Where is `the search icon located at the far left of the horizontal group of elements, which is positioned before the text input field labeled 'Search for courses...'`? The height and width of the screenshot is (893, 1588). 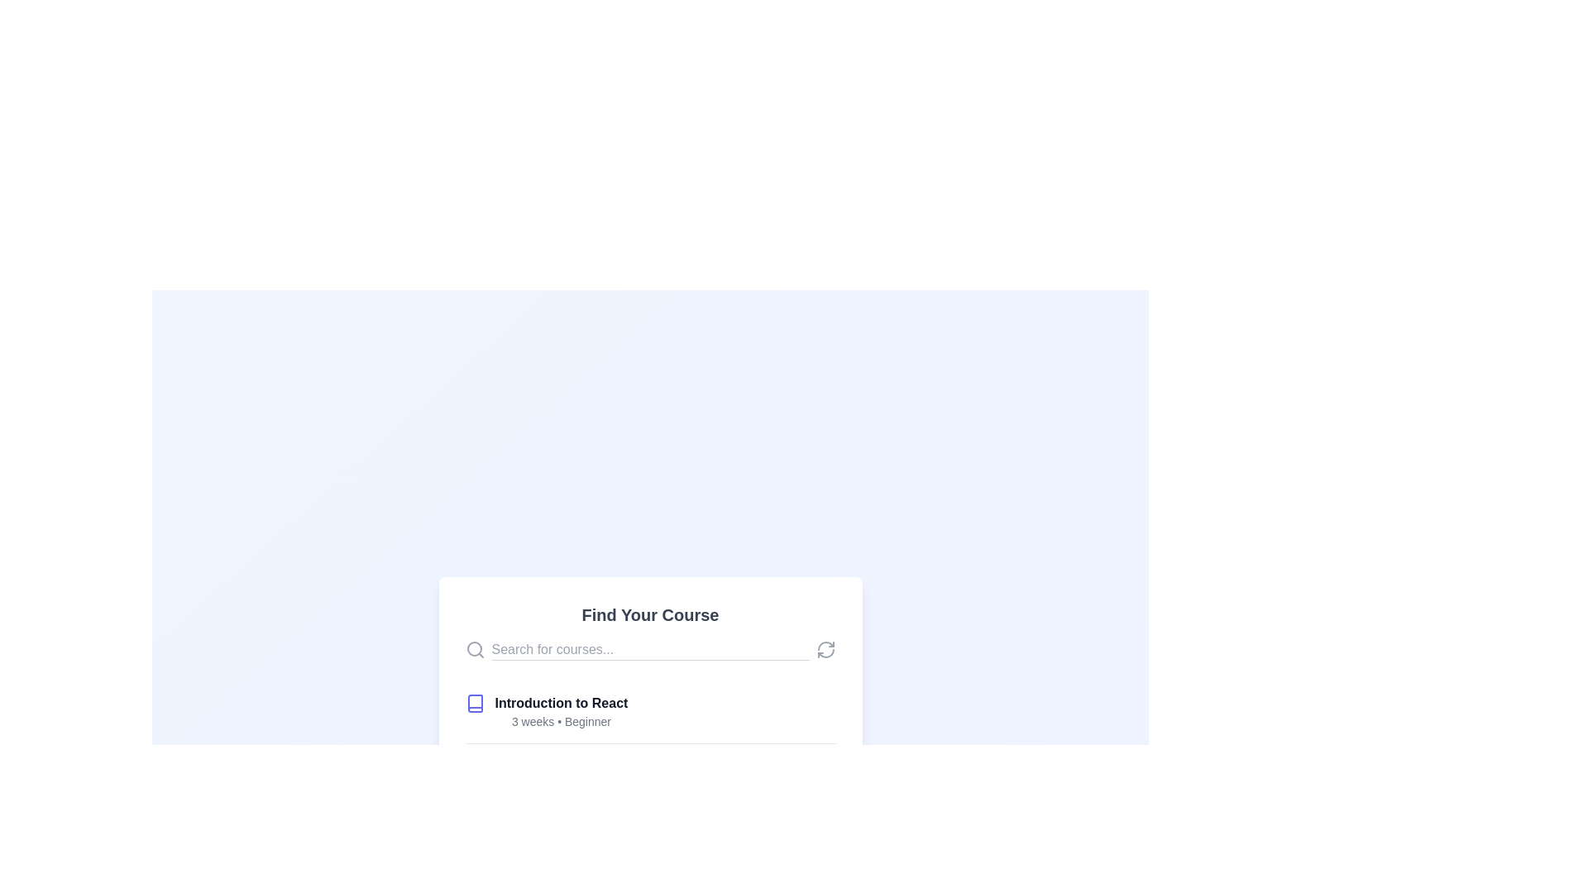
the search icon located at the far left of the horizontal group of elements, which is positioned before the text input field labeled 'Search for courses...' is located at coordinates (474, 649).